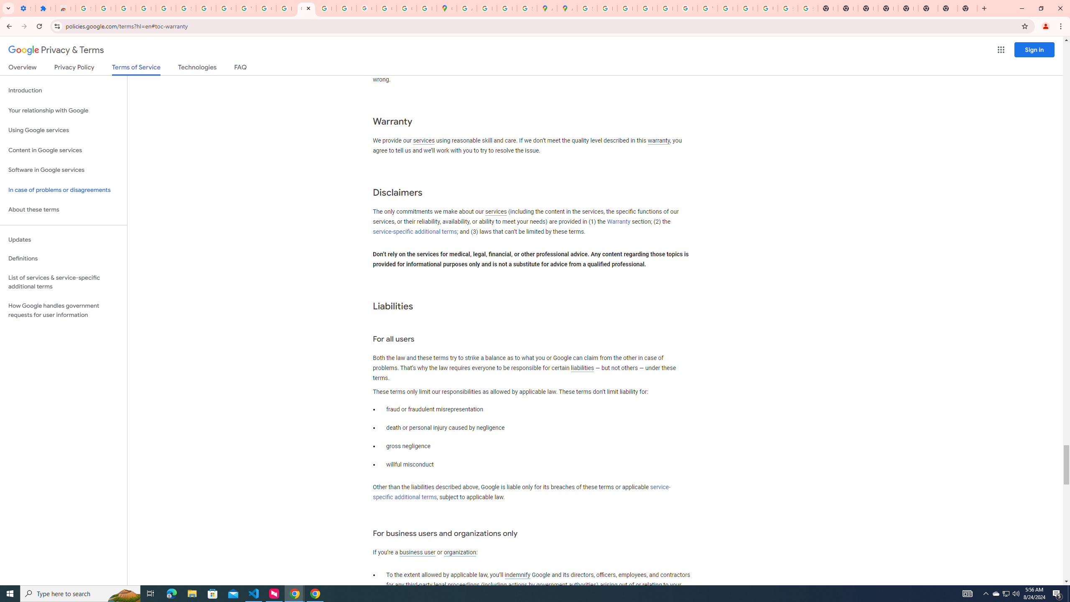  Describe the element at coordinates (526, 8) in the screenshot. I see `'Safety in Our Products - Google Safety Center'` at that location.